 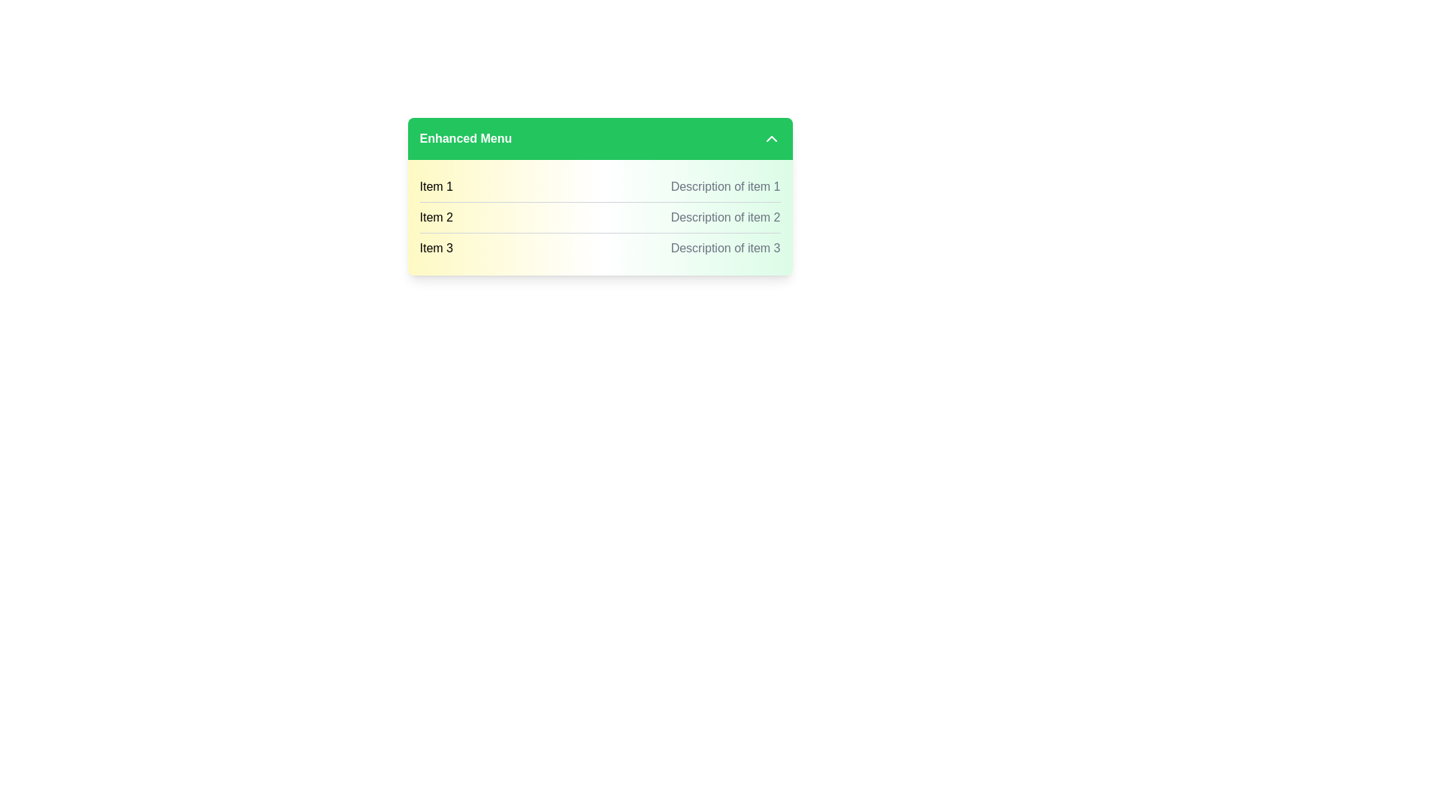 I want to click on the first row of the list item displaying 'Item 1' with the description 'Description of item 1', so click(x=599, y=186).